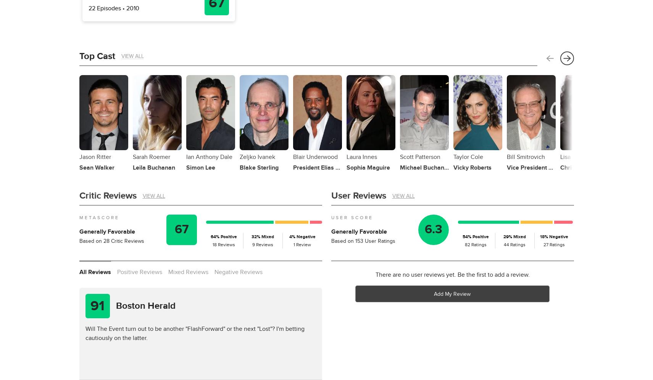 Image resolution: width=653 pixels, height=380 pixels. I want to click on 'Simon Lee', so click(200, 167).